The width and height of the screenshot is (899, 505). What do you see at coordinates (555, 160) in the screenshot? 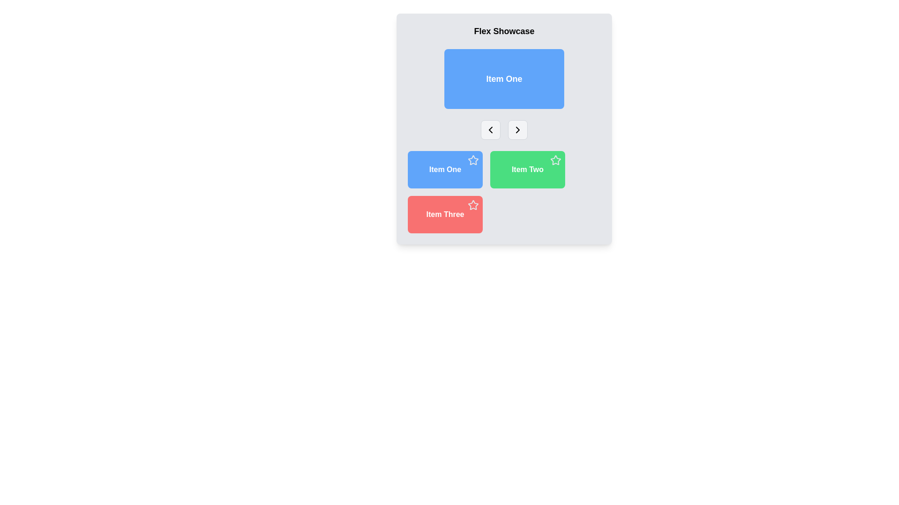
I see `the star icon with an outline design and a white stroke located in the top-right corner of the green box labeled 'Item Two'` at bounding box center [555, 160].